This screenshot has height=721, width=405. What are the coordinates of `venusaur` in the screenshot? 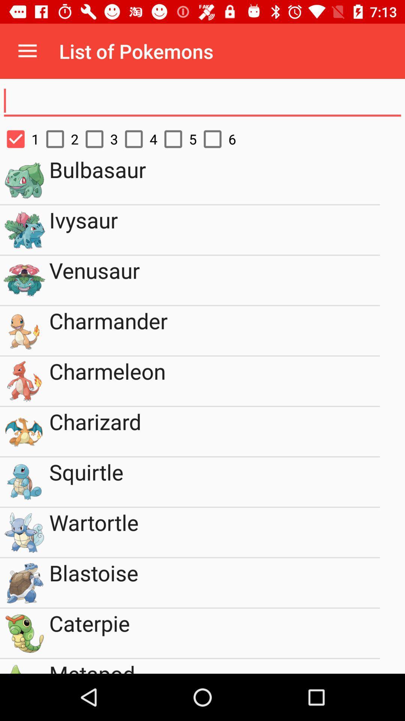 It's located at (214, 280).